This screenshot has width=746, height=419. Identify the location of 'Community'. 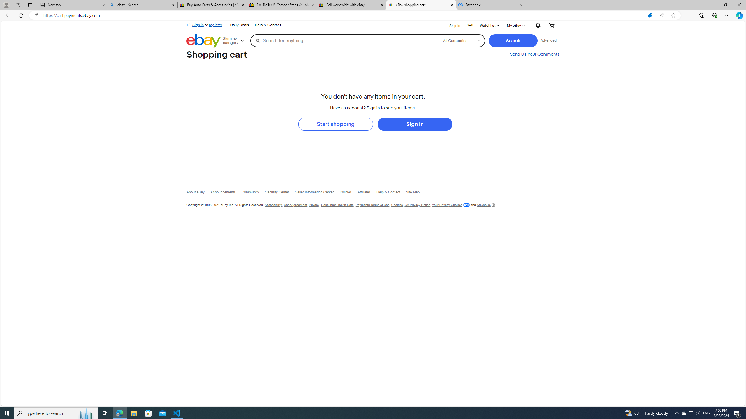
(253, 193).